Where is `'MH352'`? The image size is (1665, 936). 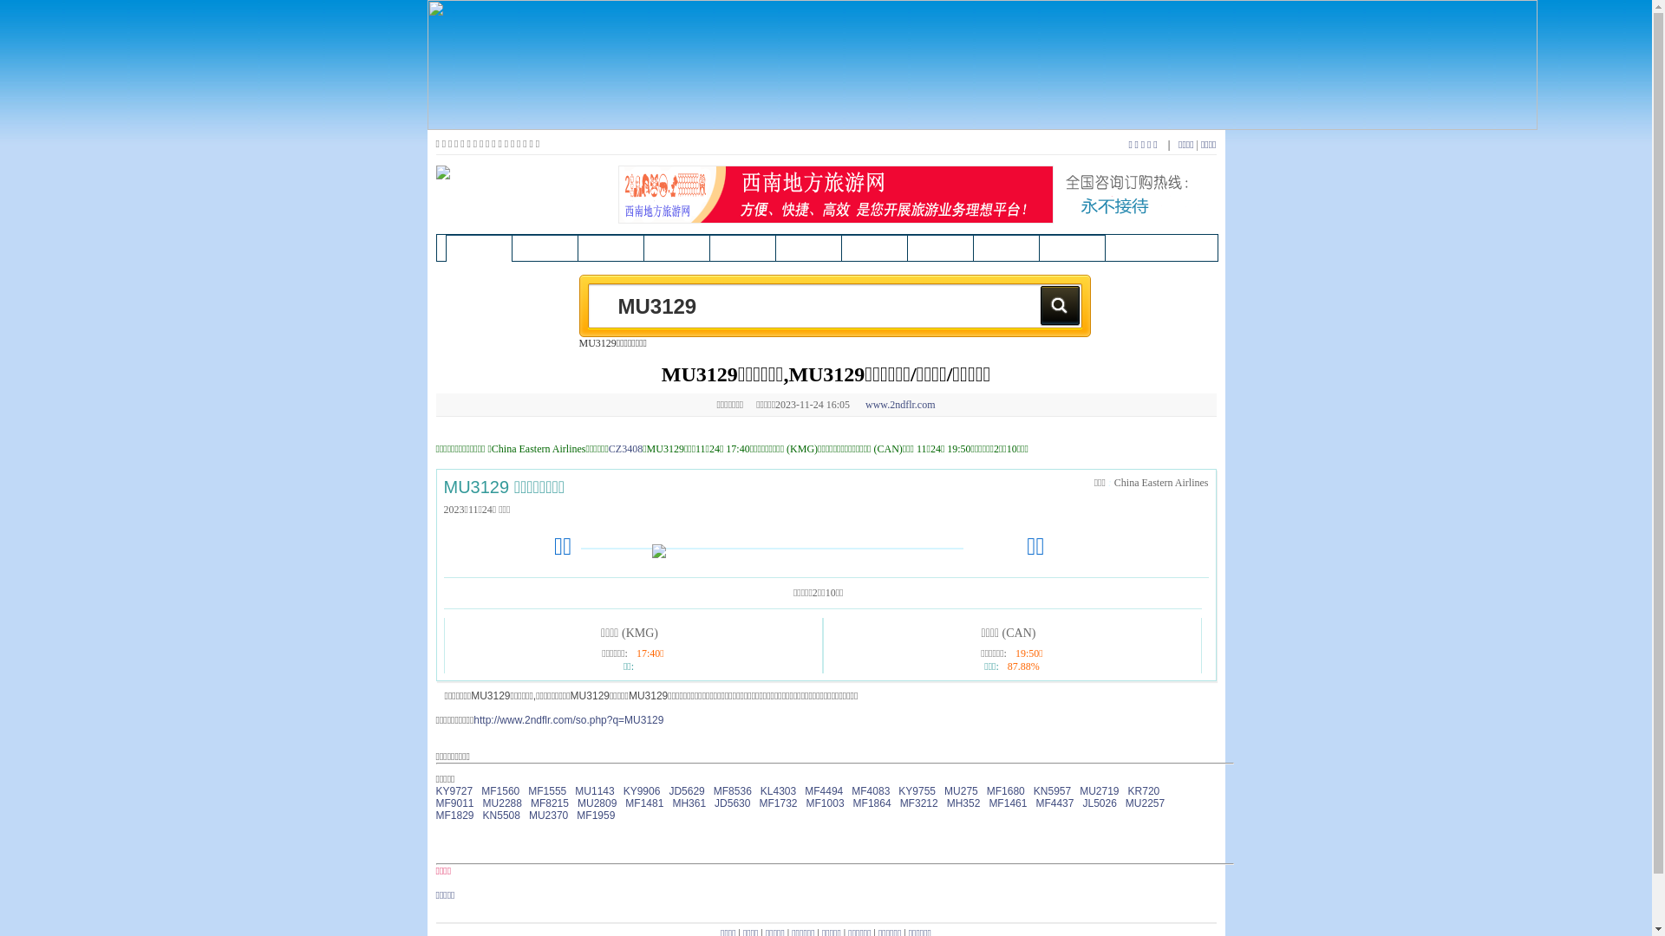
'MH352' is located at coordinates (963, 803).